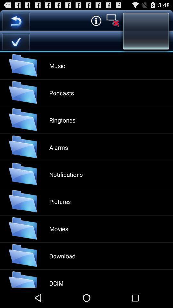 The height and width of the screenshot is (308, 173). What do you see at coordinates (16, 23) in the screenshot?
I see `the undo icon` at bounding box center [16, 23].